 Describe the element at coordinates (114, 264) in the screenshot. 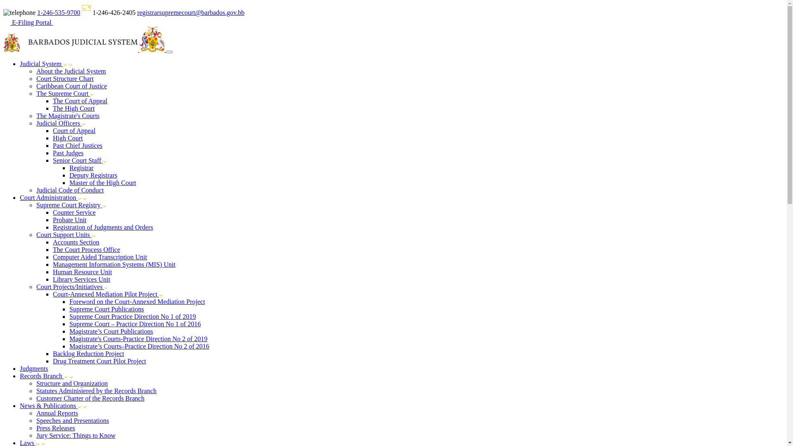

I see `'Management Information Systems (MIS) Unit'` at that location.